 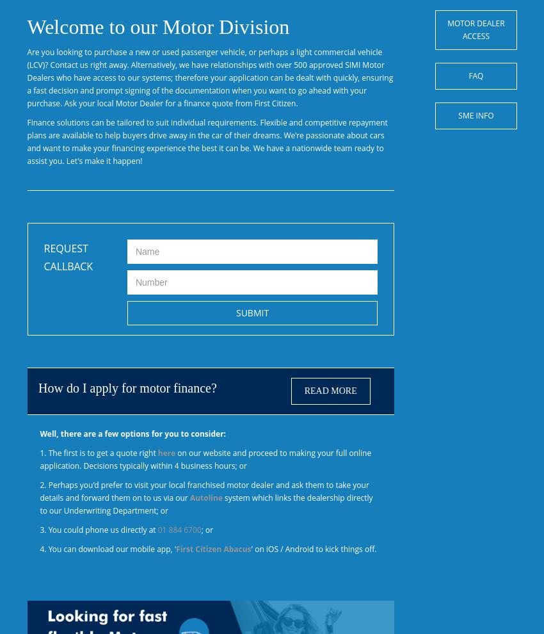 I want to click on 'here', so click(x=166, y=452).